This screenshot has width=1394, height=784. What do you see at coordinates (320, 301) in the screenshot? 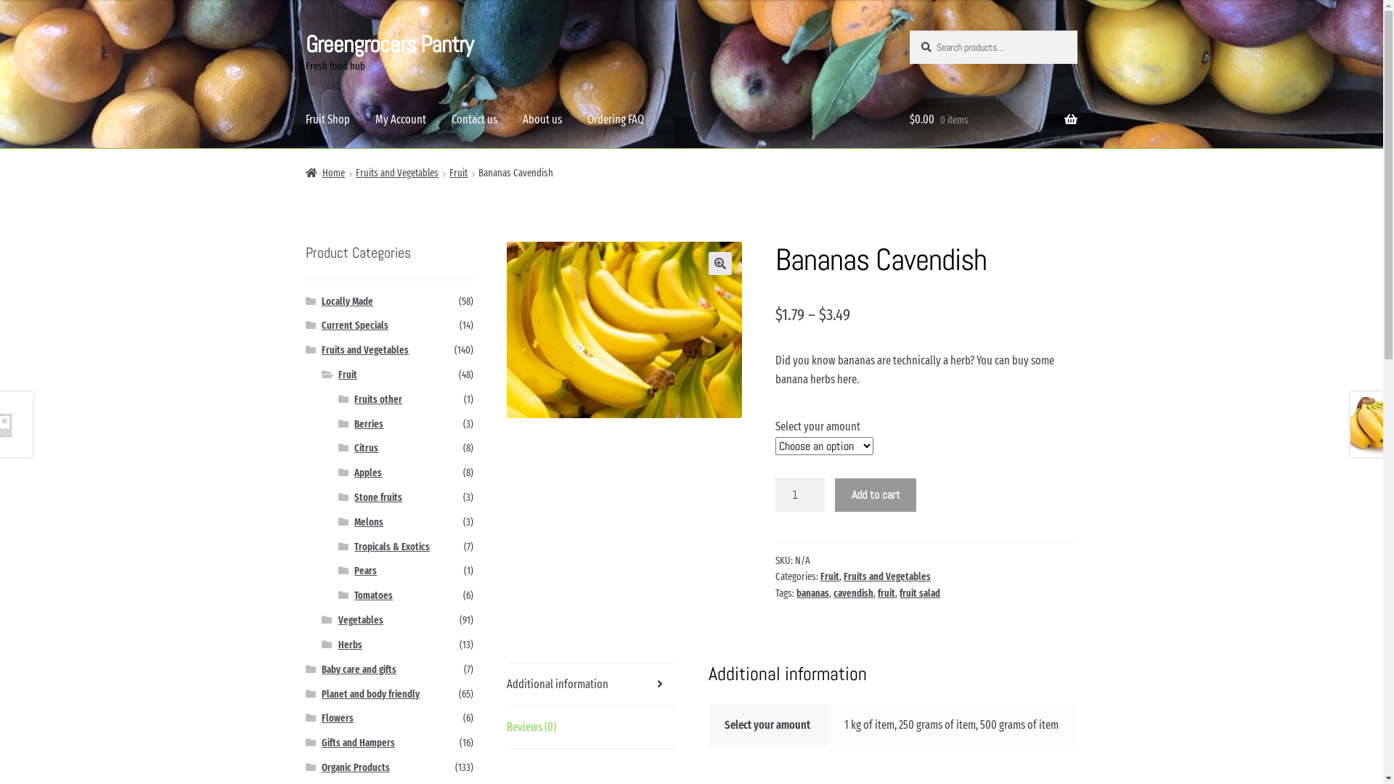
I see `'Locally Made'` at bounding box center [320, 301].